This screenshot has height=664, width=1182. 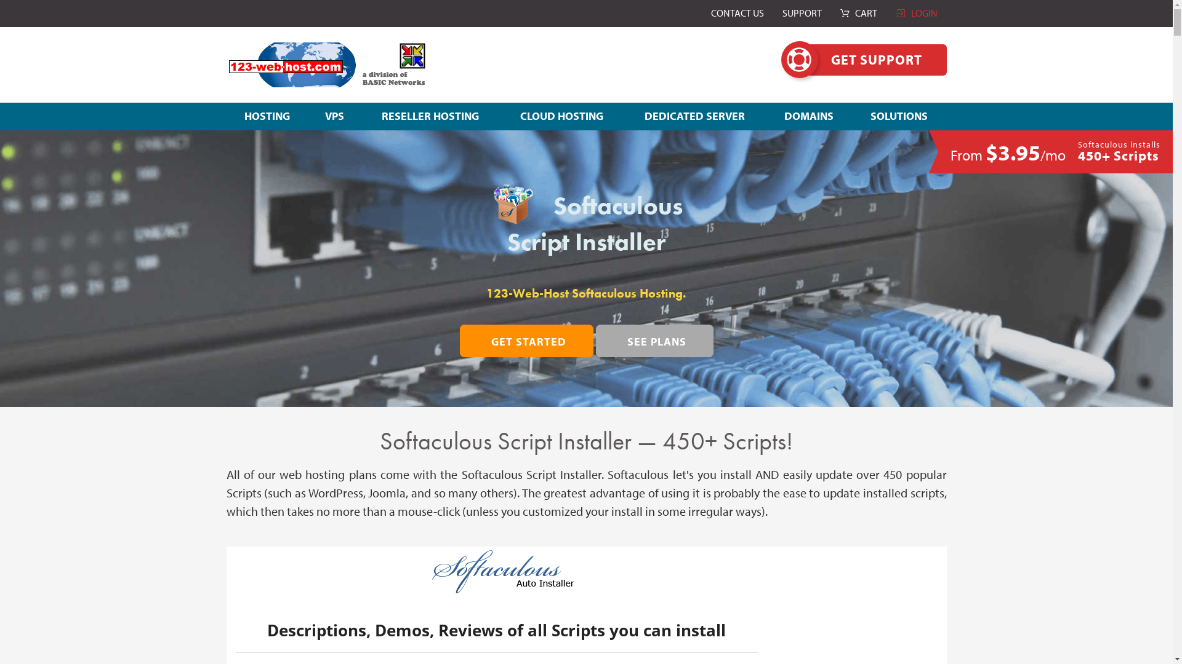 What do you see at coordinates (694, 116) in the screenshot?
I see `'DEDICATED SERVER'` at bounding box center [694, 116].